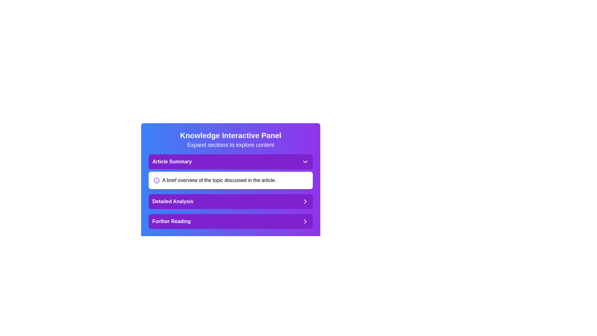 Image resolution: width=597 pixels, height=336 pixels. I want to click on the actionable icon located at the far right of the 'Detailed Analysis' purple button, so click(305, 202).